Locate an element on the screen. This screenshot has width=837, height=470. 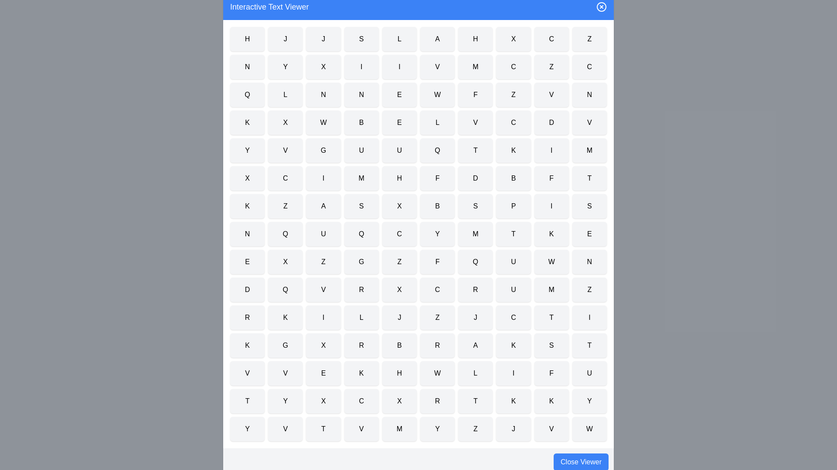
close icon at the top right of the dialog is located at coordinates (601, 7).